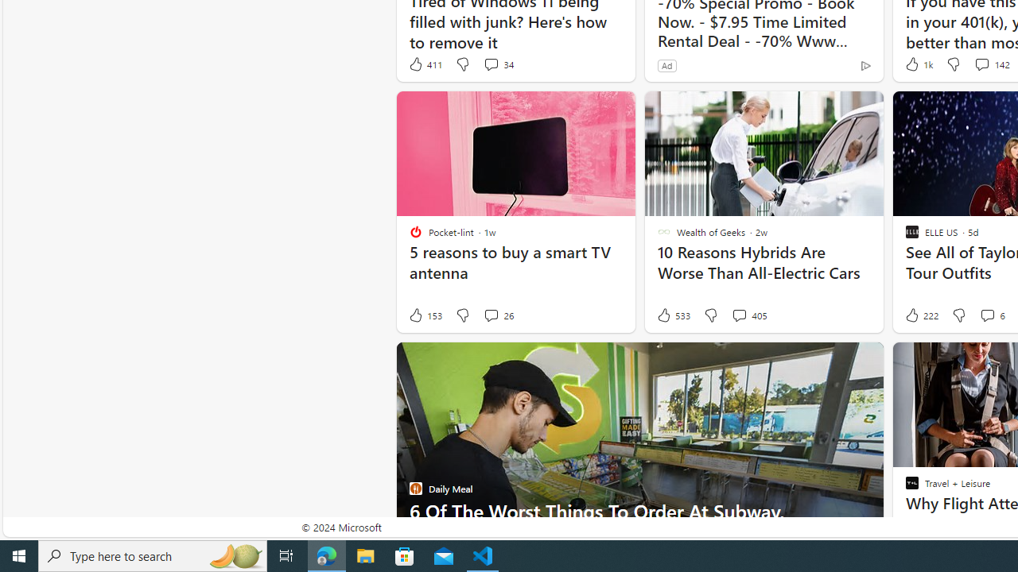 The width and height of the screenshot is (1018, 572). Describe the element at coordinates (497, 315) in the screenshot. I see `'View comments 26 Comment'` at that location.